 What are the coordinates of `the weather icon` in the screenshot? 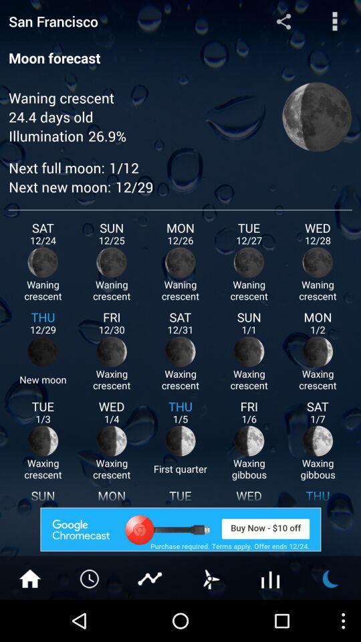 It's located at (210, 619).